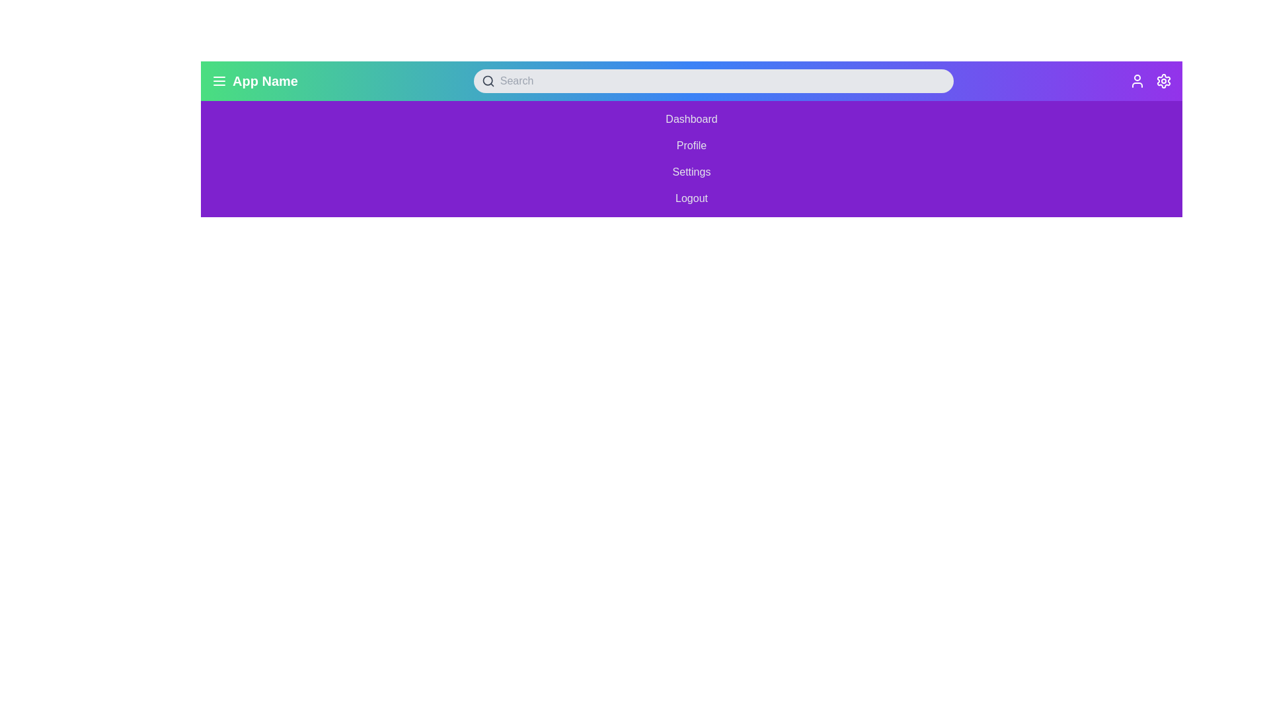 The width and height of the screenshot is (1269, 713). Describe the element at coordinates (691, 172) in the screenshot. I see `the 'Settings' button, which is the third button in a vertical list within a purple background menu` at that location.